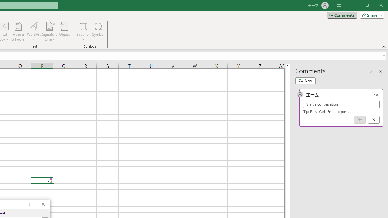 The height and width of the screenshot is (218, 388). I want to click on 'New comment', so click(305, 81).